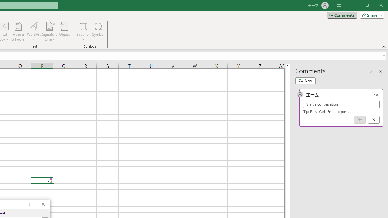 The height and width of the screenshot is (218, 388). I want to click on 'New comment', so click(305, 81).